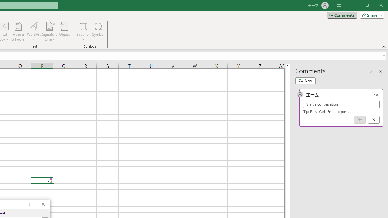 The height and width of the screenshot is (218, 388). I want to click on 'New comment', so click(305, 81).